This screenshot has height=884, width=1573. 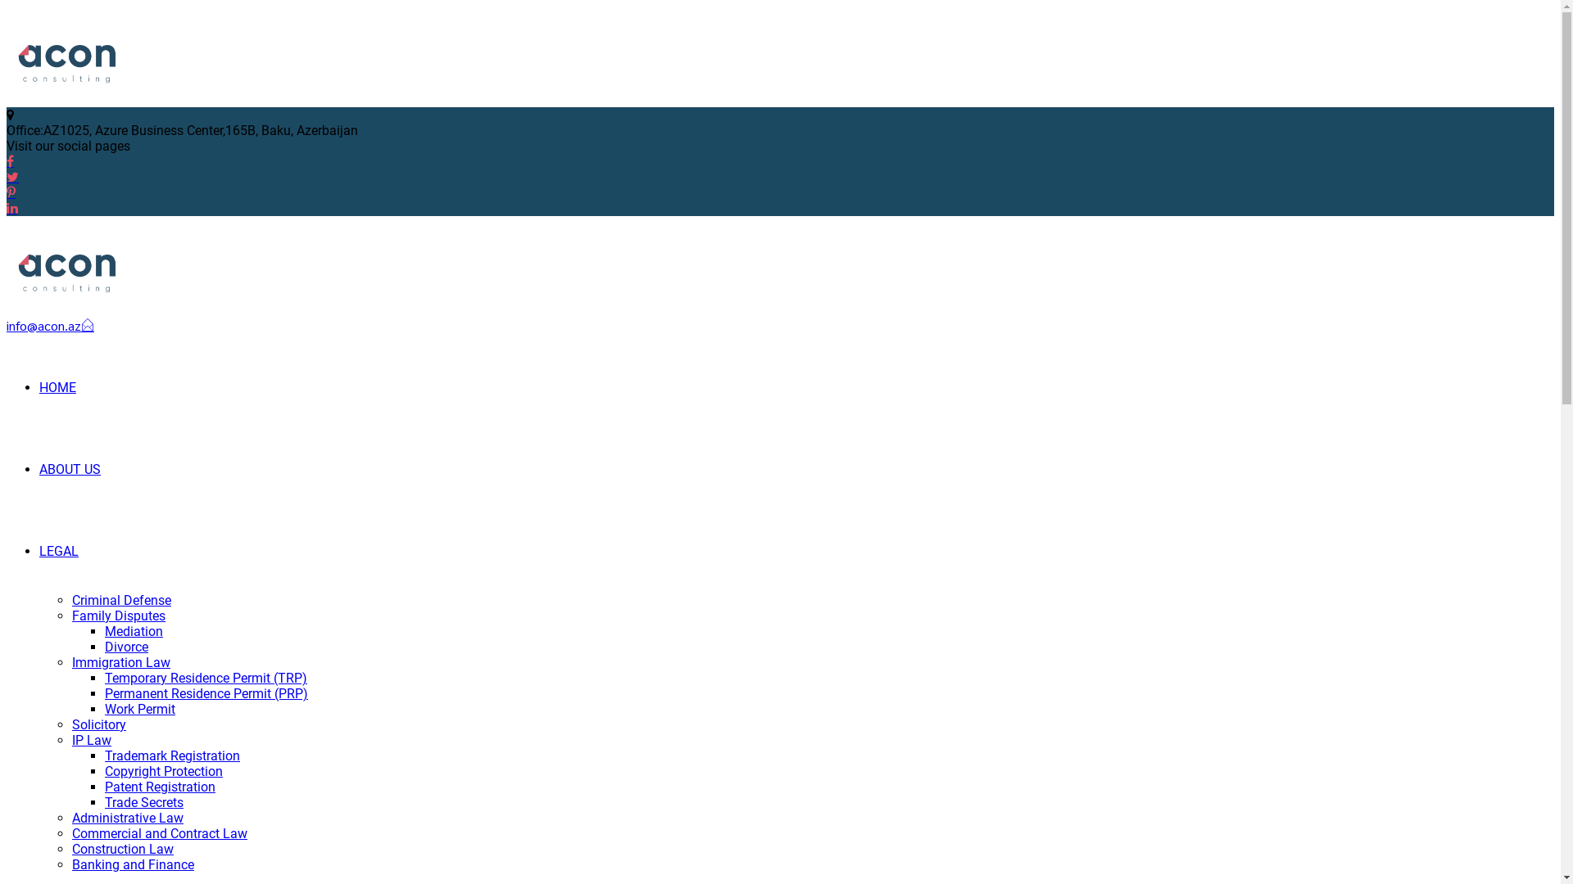 I want to click on 'ABOUT US', so click(x=39, y=469).